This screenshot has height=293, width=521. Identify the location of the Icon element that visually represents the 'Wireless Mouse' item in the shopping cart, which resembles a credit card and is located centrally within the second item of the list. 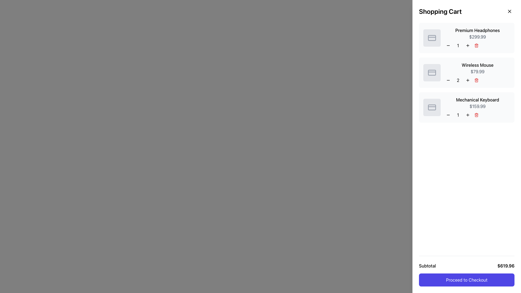
(432, 72).